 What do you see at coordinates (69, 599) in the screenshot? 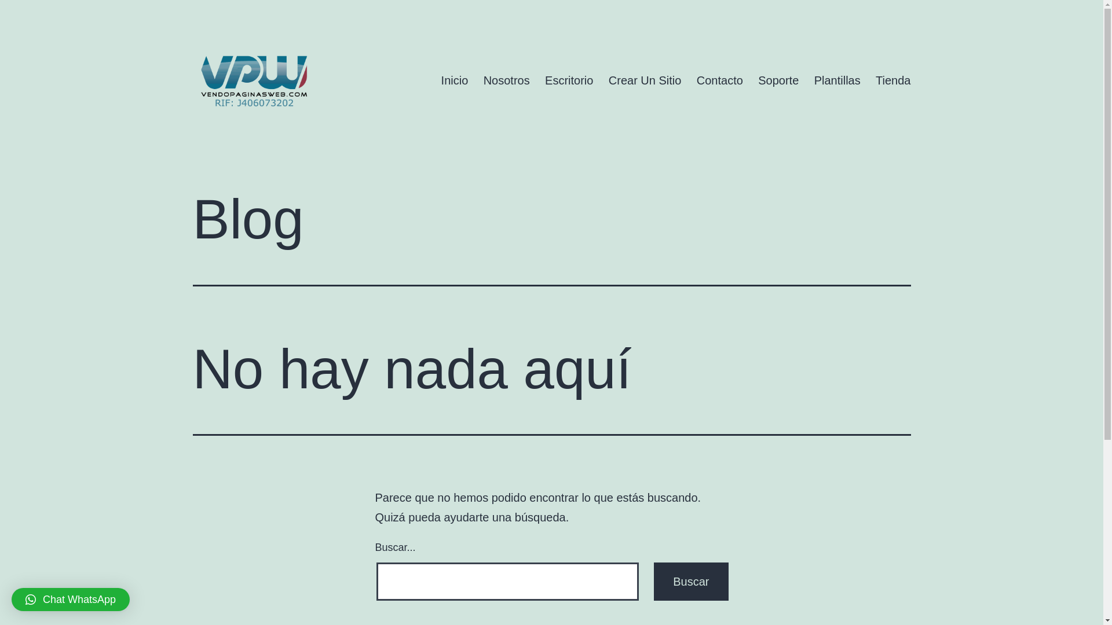
I see `'Chat WhatsApp'` at bounding box center [69, 599].